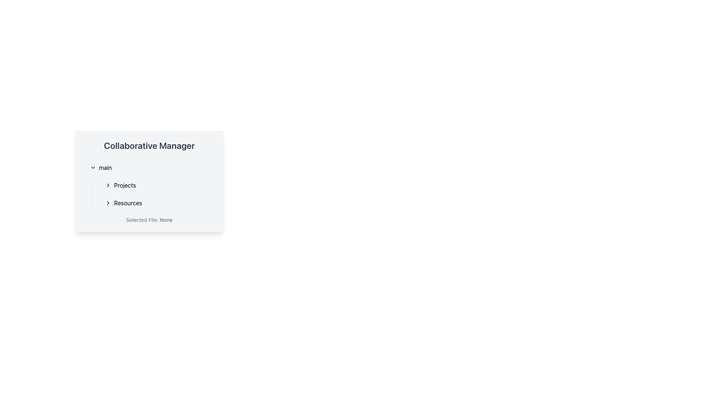 This screenshot has width=709, height=398. I want to click on the 'Resources' sub-item in the grouped menu item located under the 'main' menu, so click(153, 194).